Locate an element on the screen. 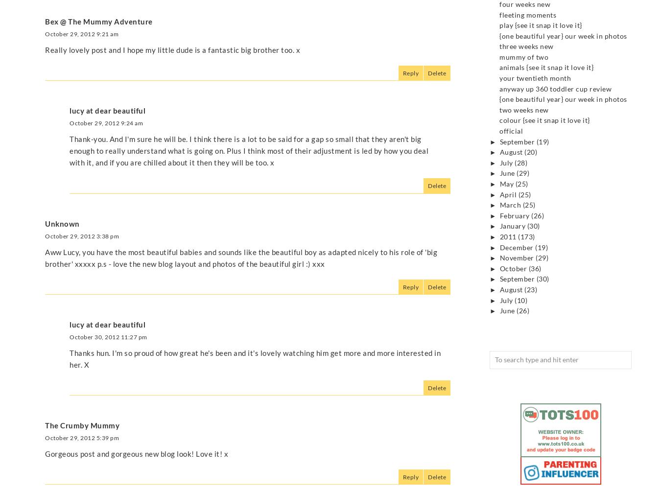  'December' is located at coordinates (517, 247).